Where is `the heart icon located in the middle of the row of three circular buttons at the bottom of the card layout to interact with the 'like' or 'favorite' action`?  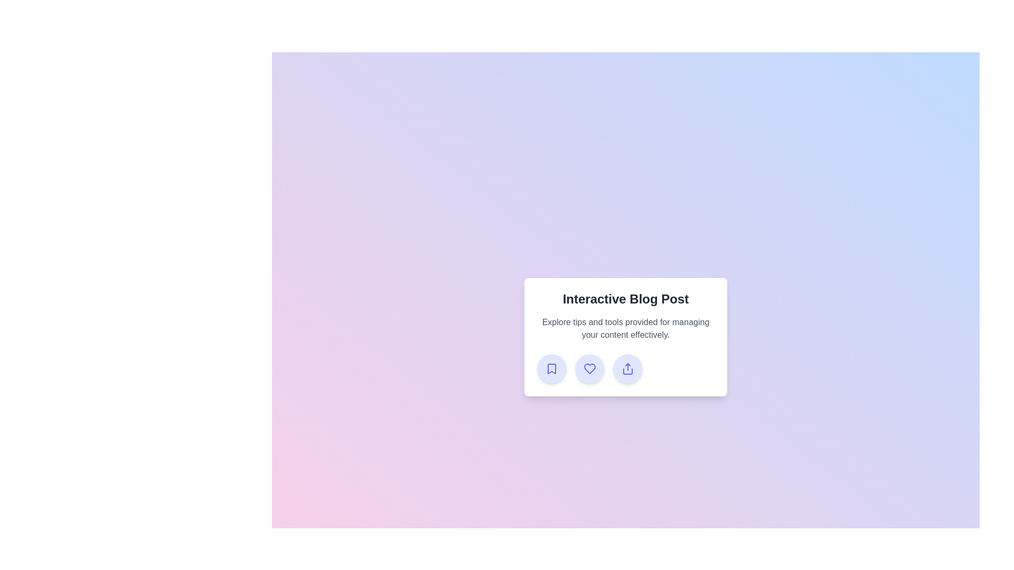
the heart icon located in the middle of the row of three circular buttons at the bottom of the card layout to interact with the 'like' or 'favorite' action is located at coordinates (589, 368).